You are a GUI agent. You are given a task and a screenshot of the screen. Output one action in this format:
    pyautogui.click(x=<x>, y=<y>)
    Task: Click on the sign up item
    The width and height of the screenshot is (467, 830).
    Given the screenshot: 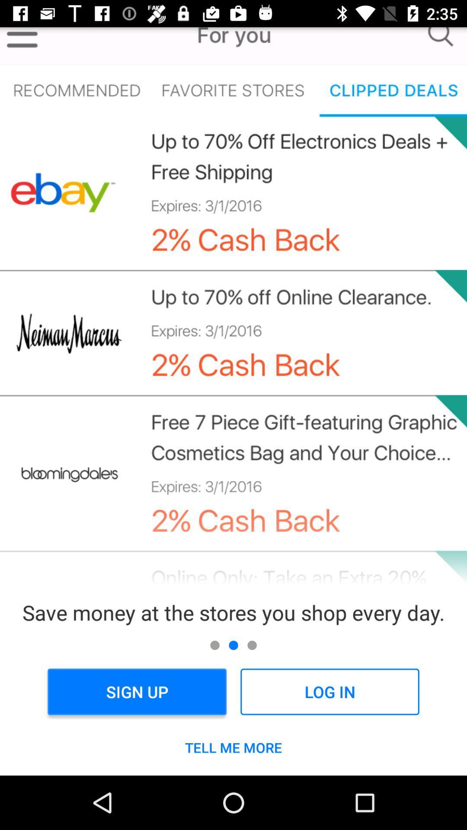 What is the action you would take?
    pyautogui.click(x=137, y=692)
    